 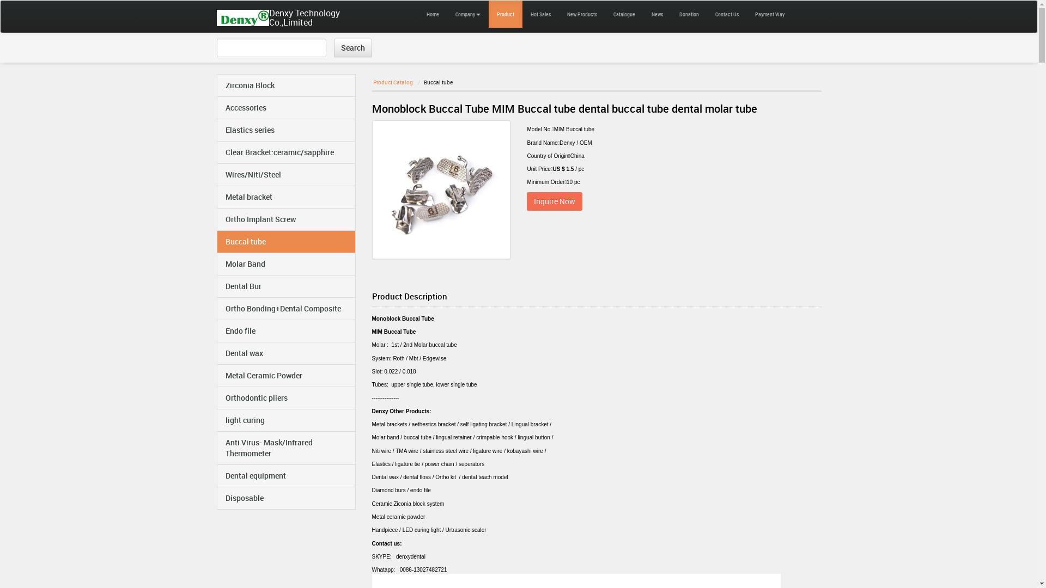 What do you see at coordinates (285, 375) in the screenshot?
I see `'Metal Ceramic Powder'` at bounding box center [285, 375].